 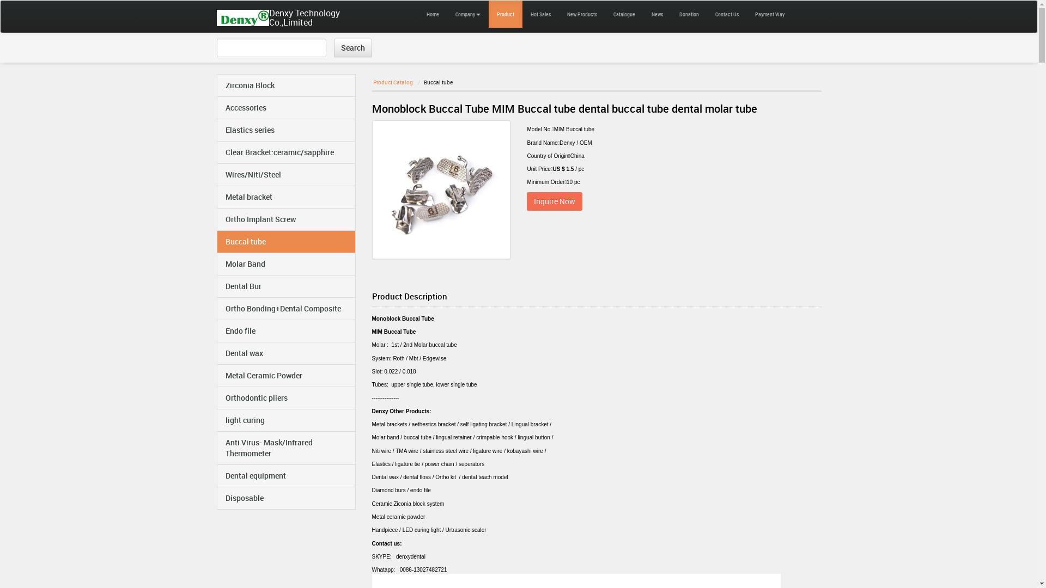 What do you see at coordinates (285, 375) in the screenshot?
I see `'Metal Ceramic Powder'` at bounding box center [285, 375].